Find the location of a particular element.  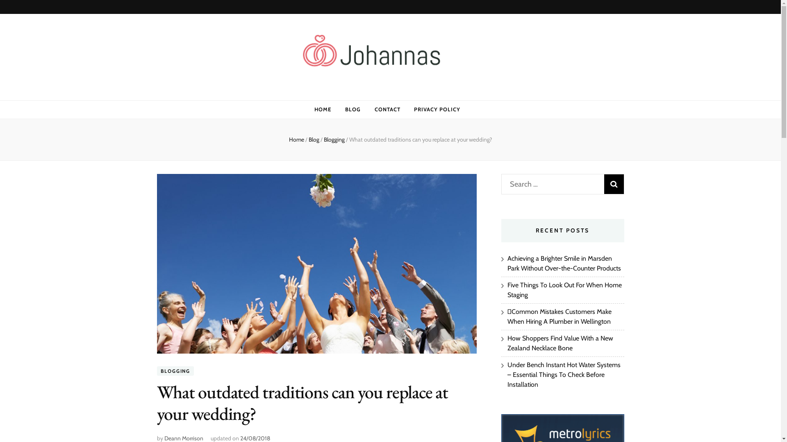

'Five Things To Look Out For When Home Staging' is located at coordinates (564, 289).